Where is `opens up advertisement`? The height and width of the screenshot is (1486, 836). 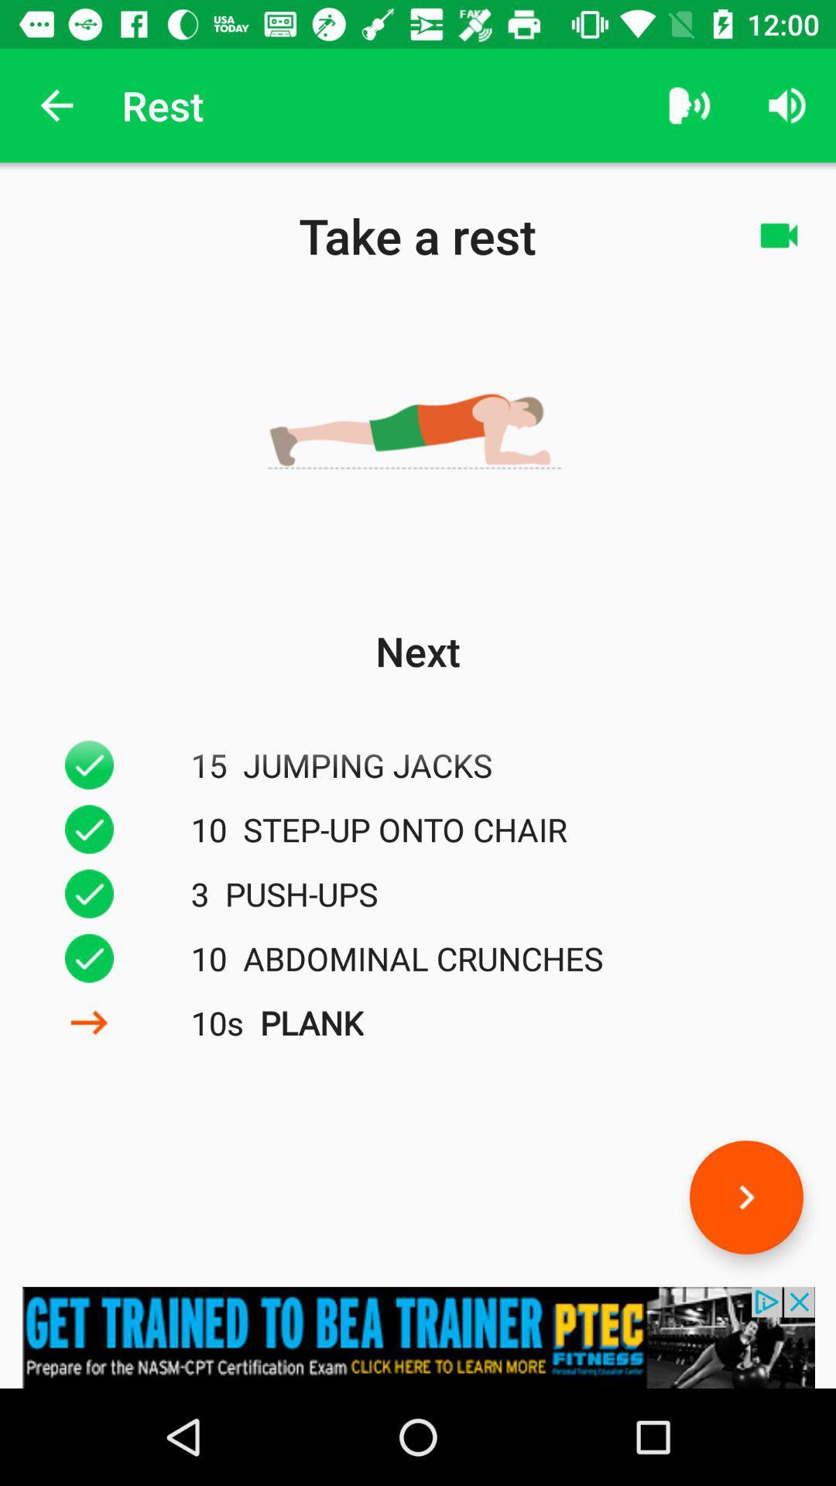
opens up advertisement is located at coordinates (418, 1337).